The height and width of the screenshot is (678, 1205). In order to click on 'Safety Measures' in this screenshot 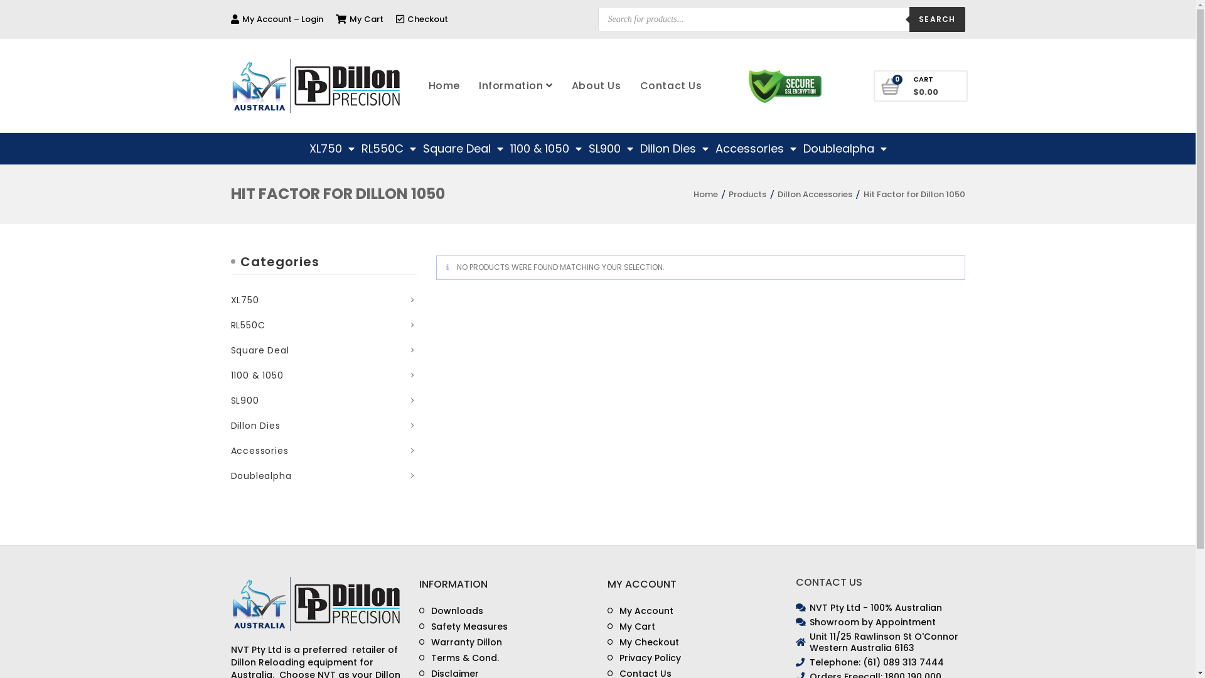, I will do `click(463, 627)`.